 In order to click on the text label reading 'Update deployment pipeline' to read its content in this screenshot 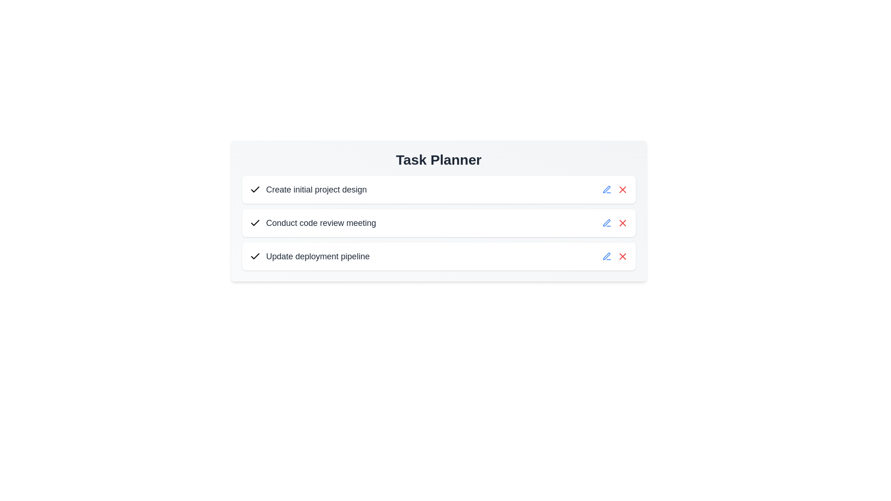, I will do `click(318, 256)`.